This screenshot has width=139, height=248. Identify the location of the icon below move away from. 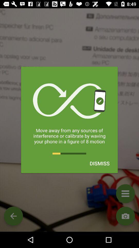
(100, 163).